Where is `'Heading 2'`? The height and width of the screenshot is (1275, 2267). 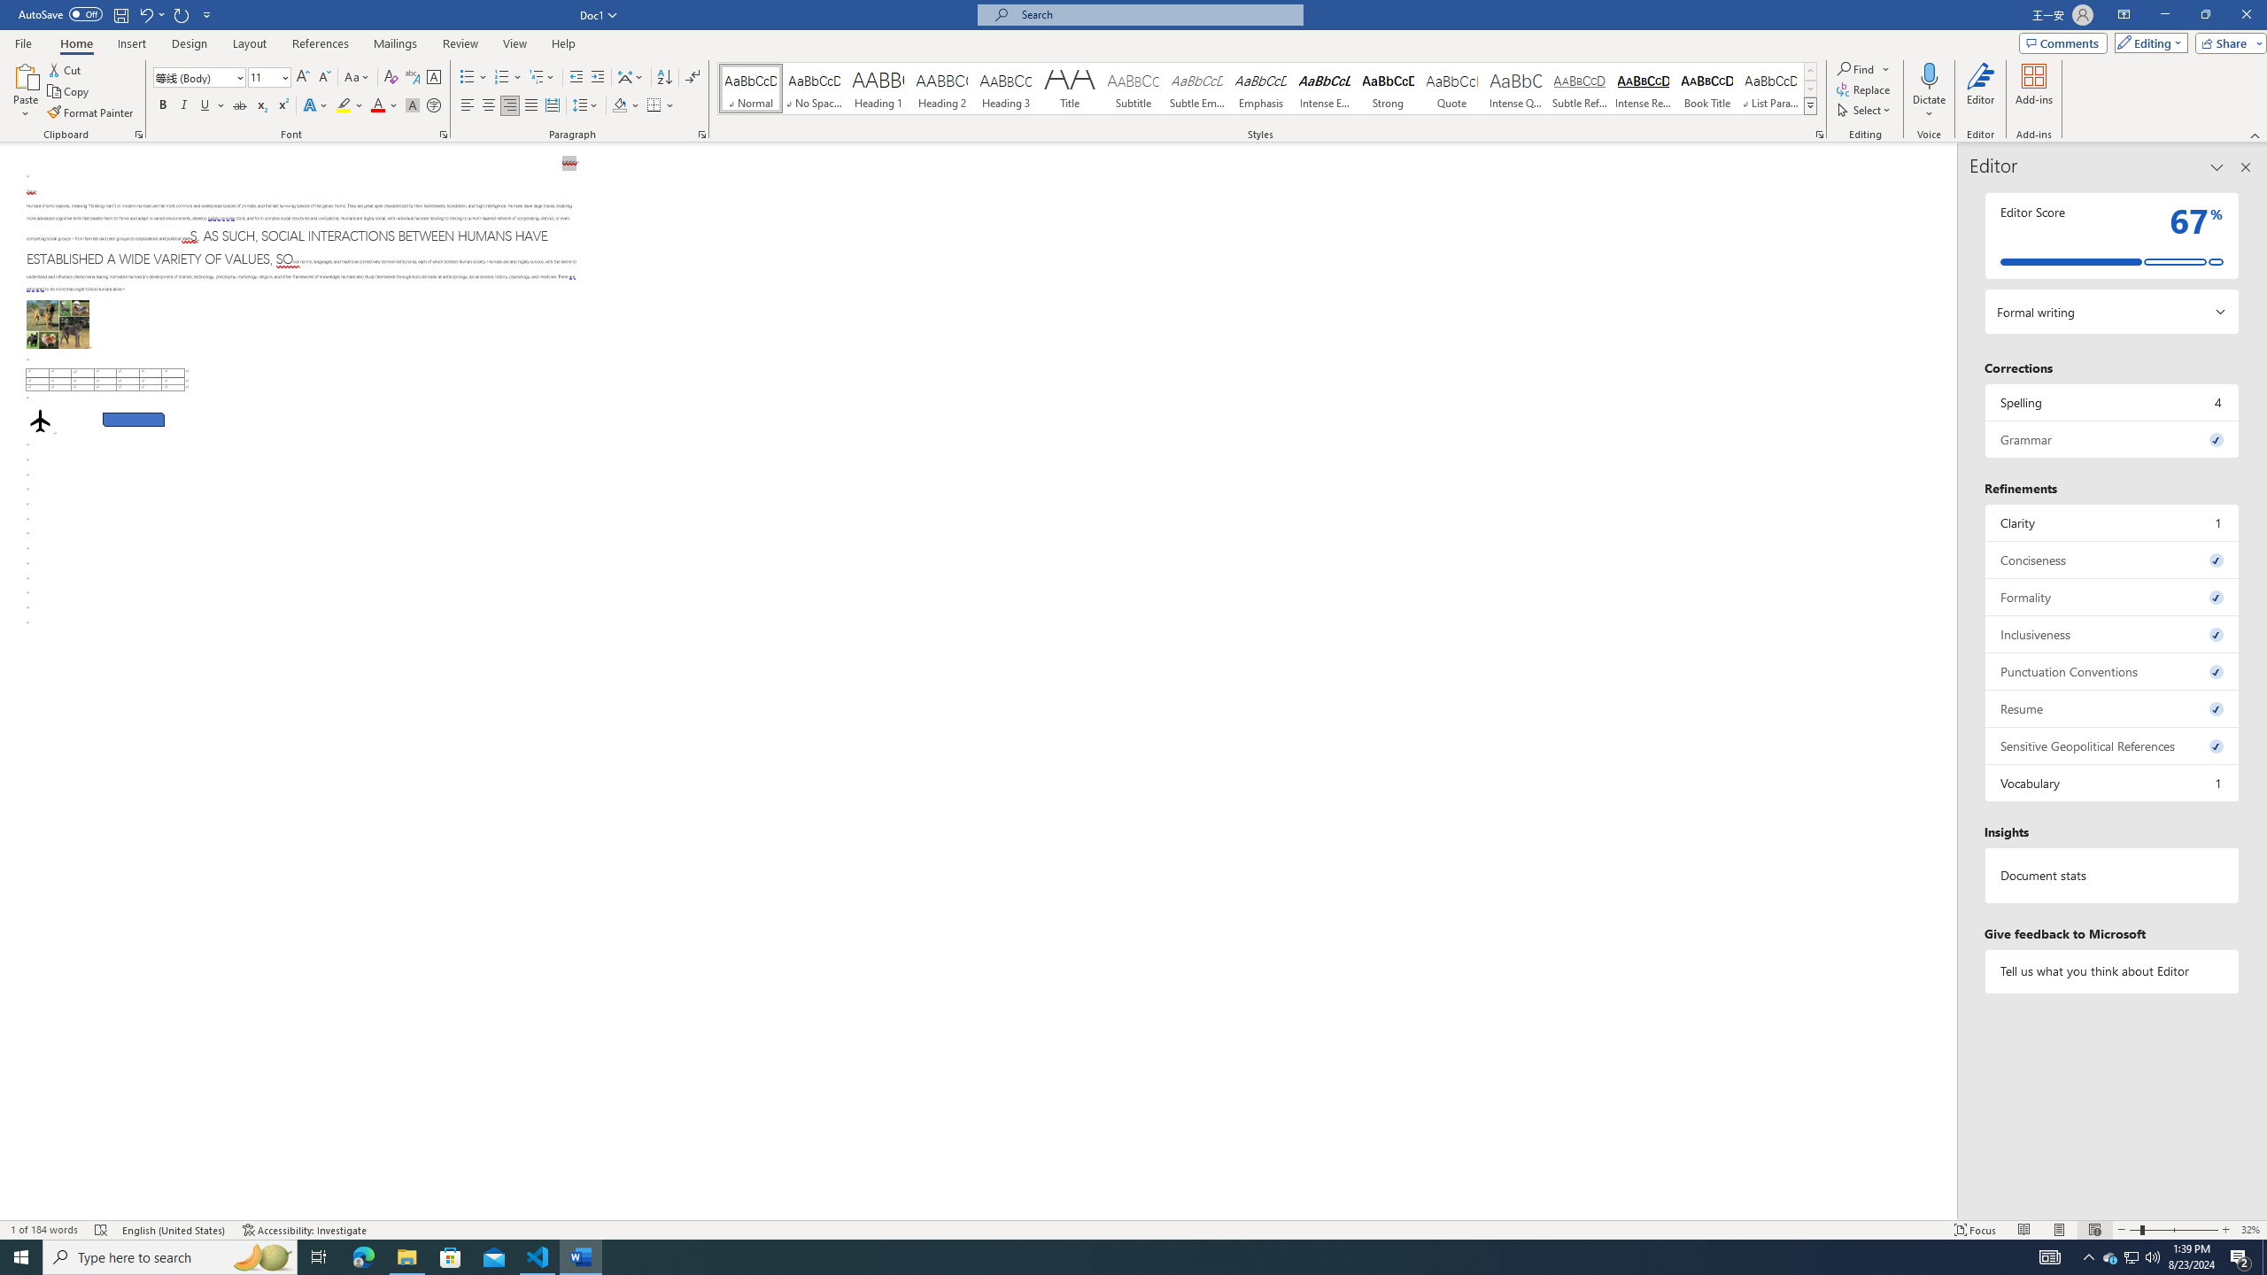
'Heading 2' is located at coordinates (941, 88).